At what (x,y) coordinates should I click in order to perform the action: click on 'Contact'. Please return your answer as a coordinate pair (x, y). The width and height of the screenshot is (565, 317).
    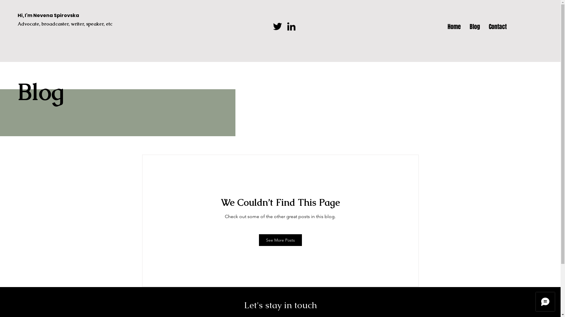
    Looking at the image, I should click on (497, 26).